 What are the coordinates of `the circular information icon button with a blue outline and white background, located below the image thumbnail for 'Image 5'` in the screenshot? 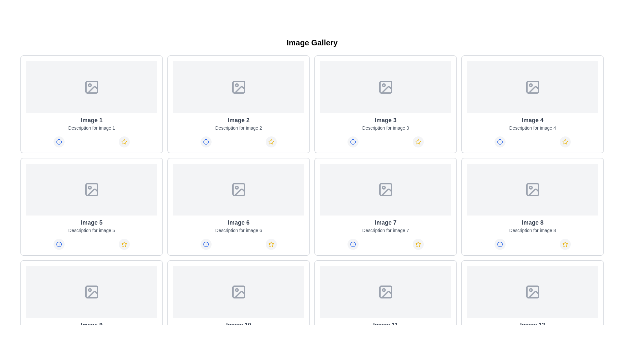 It's located at (59, 244).